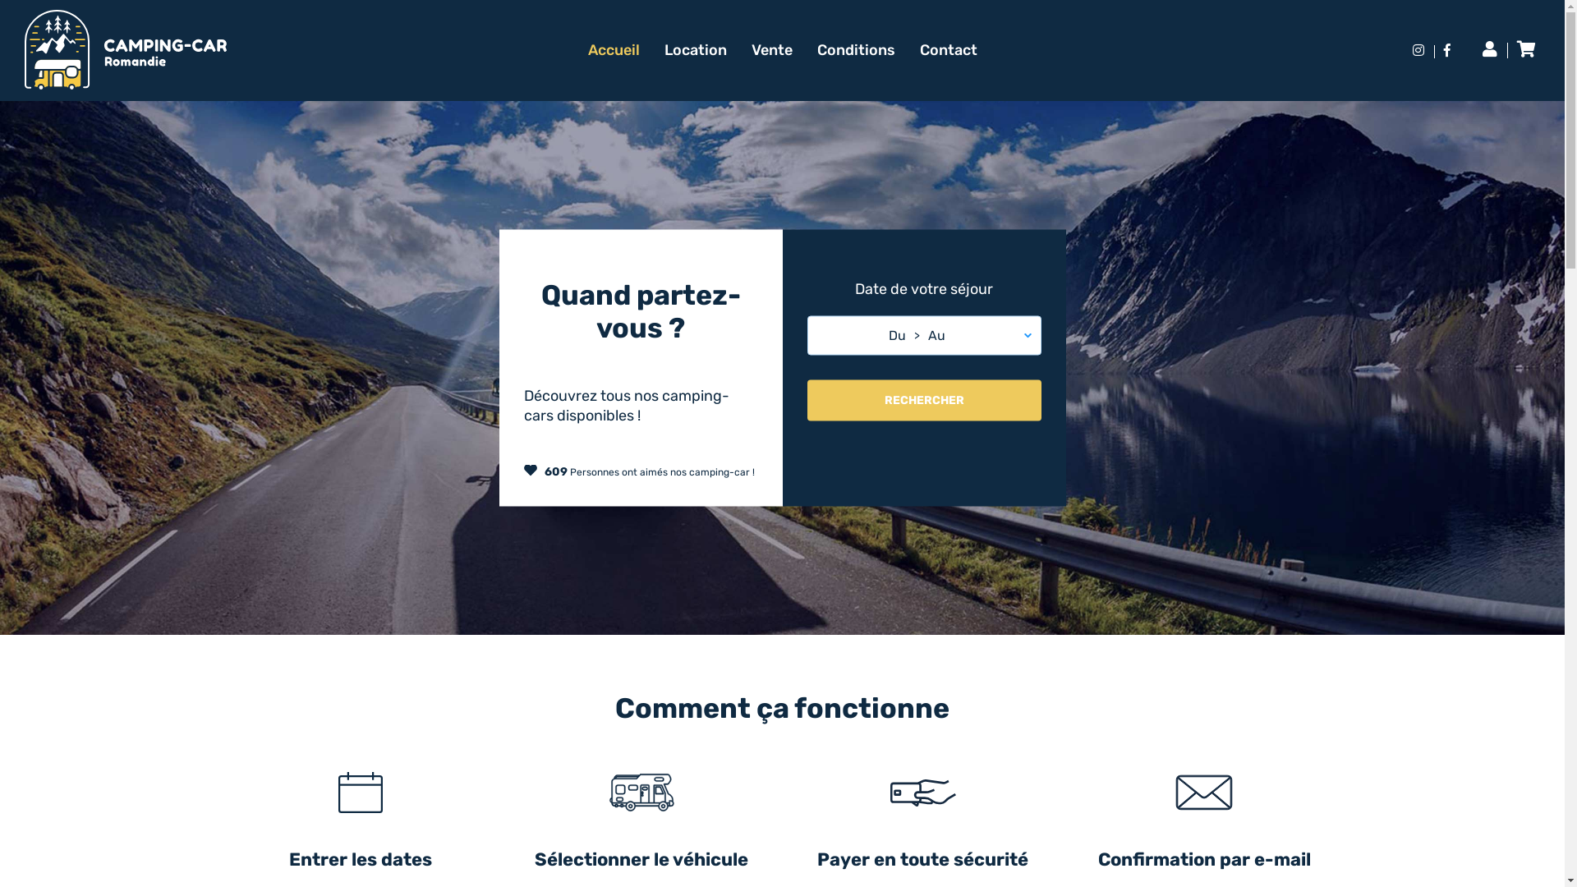  I want to click on 'Vente', so click(749, 49).